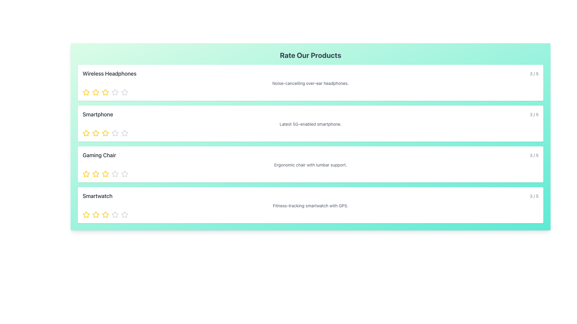 Image resolution: width=577 pixels, height=324 pixels. Describe the element at coordinates (86, 92) in the screenshot. I see `the first yellow star icon to change the rating under the text 'Wireless Headphones'` at that location.